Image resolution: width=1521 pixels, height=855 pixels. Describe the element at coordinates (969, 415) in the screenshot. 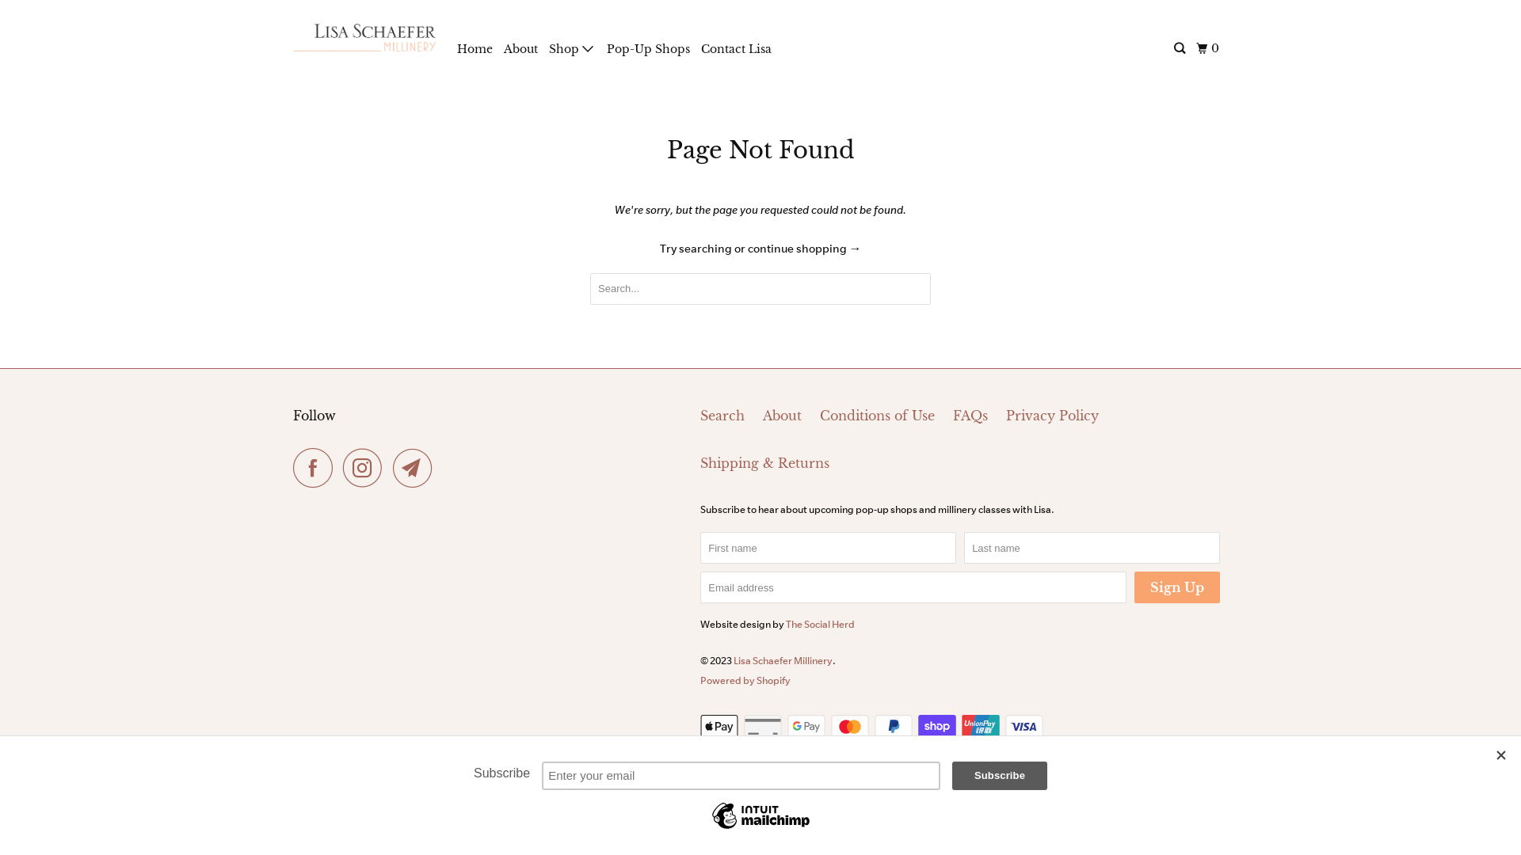

I see `'FAQs'` at that location.